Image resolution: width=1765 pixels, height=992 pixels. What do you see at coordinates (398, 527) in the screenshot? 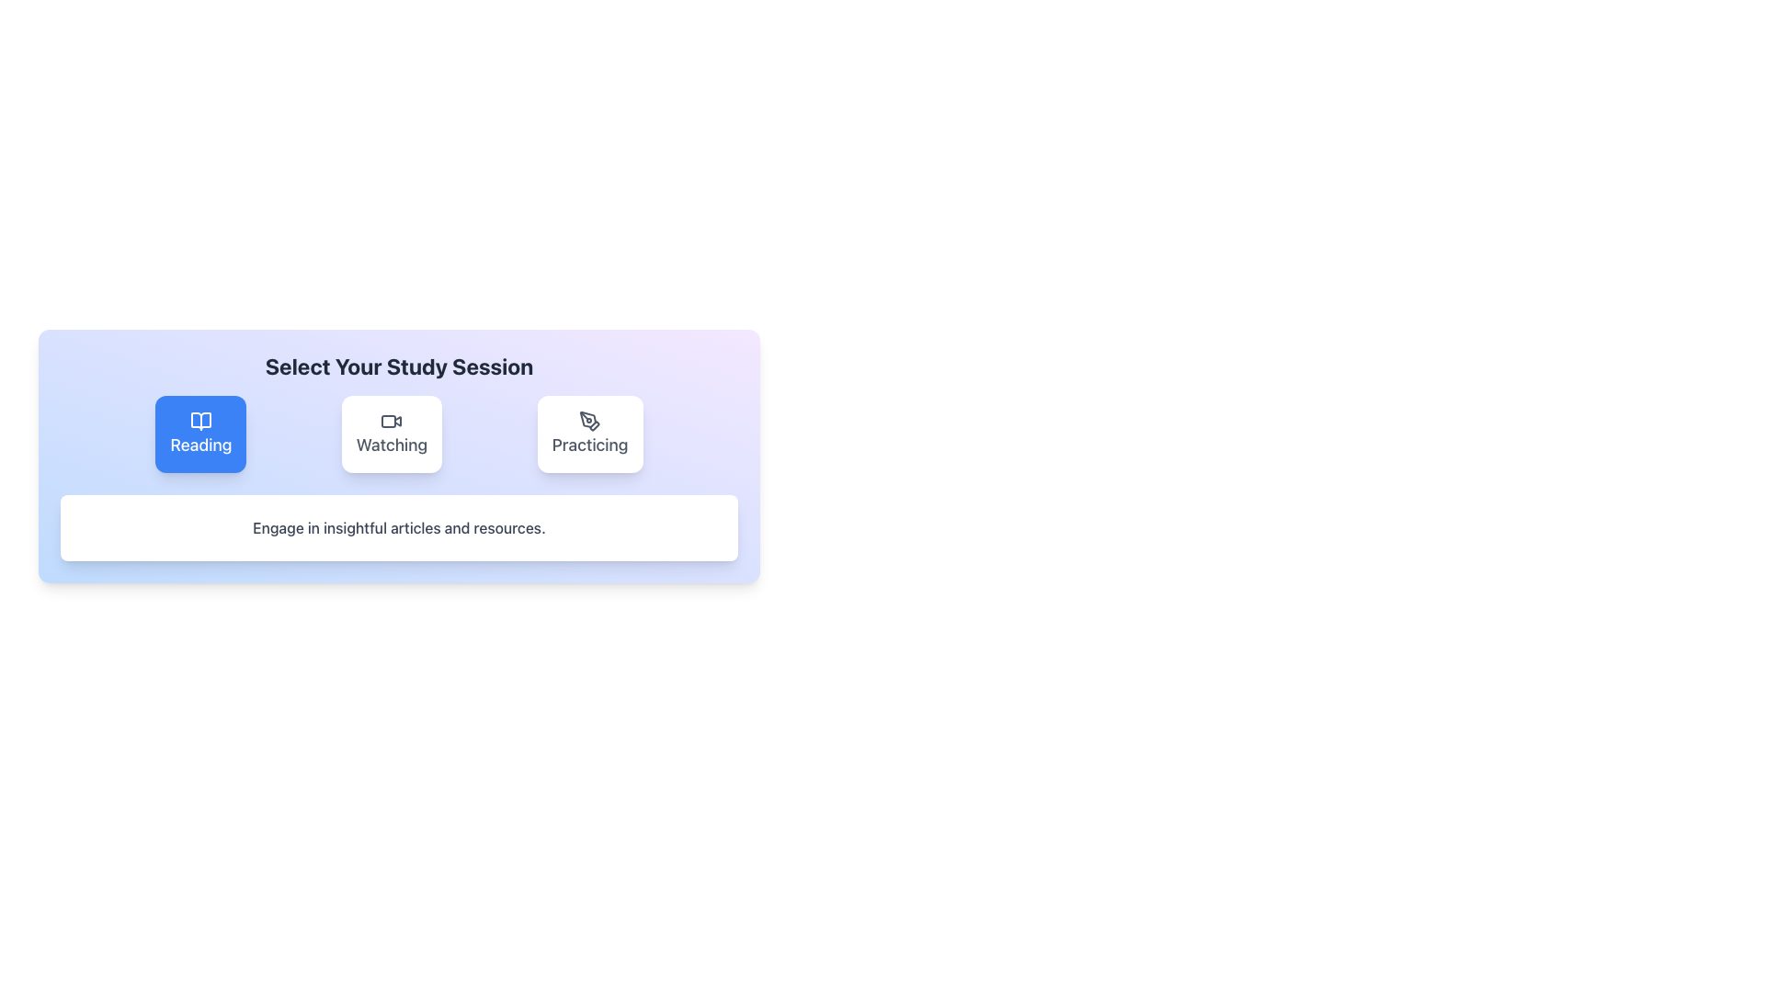
I see `the descriptive Text Label located within the white, rounded, shadowed box below the study session options ('Reading', 'Watching', and 'Practicing')` at bounding box center [398, 527].